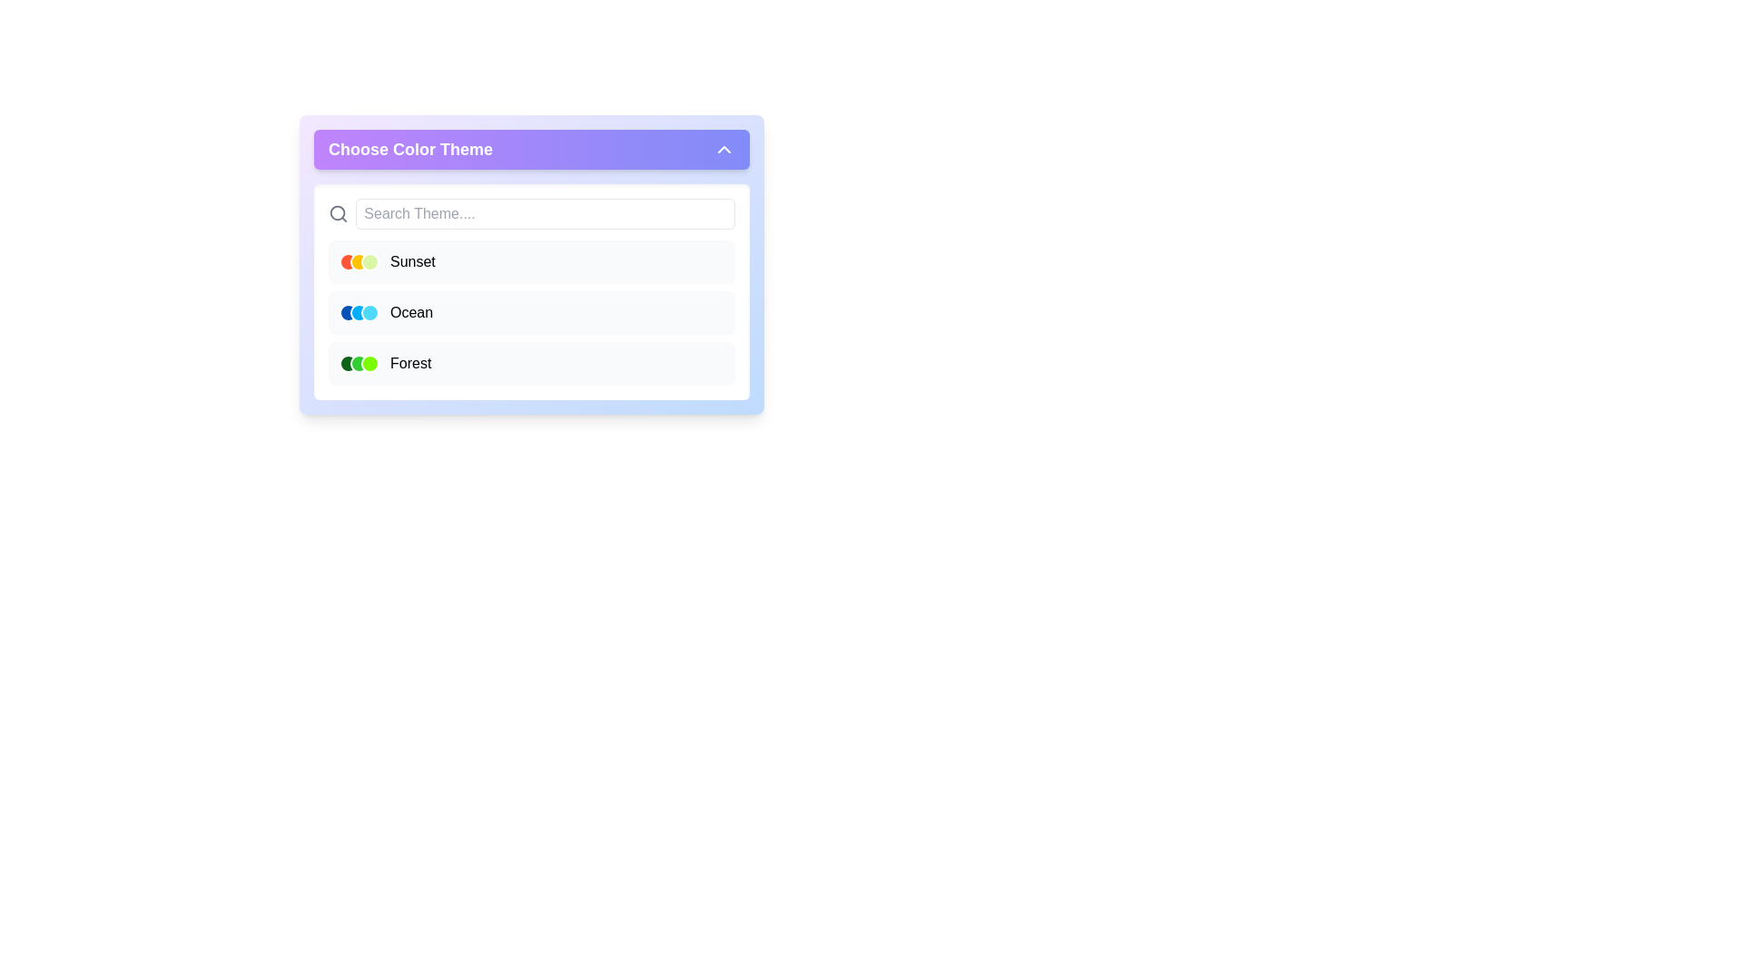 This screenshot has height=980, width=1743. I want to click on the second circular indicator with a green background and white border, so click(359, 364).